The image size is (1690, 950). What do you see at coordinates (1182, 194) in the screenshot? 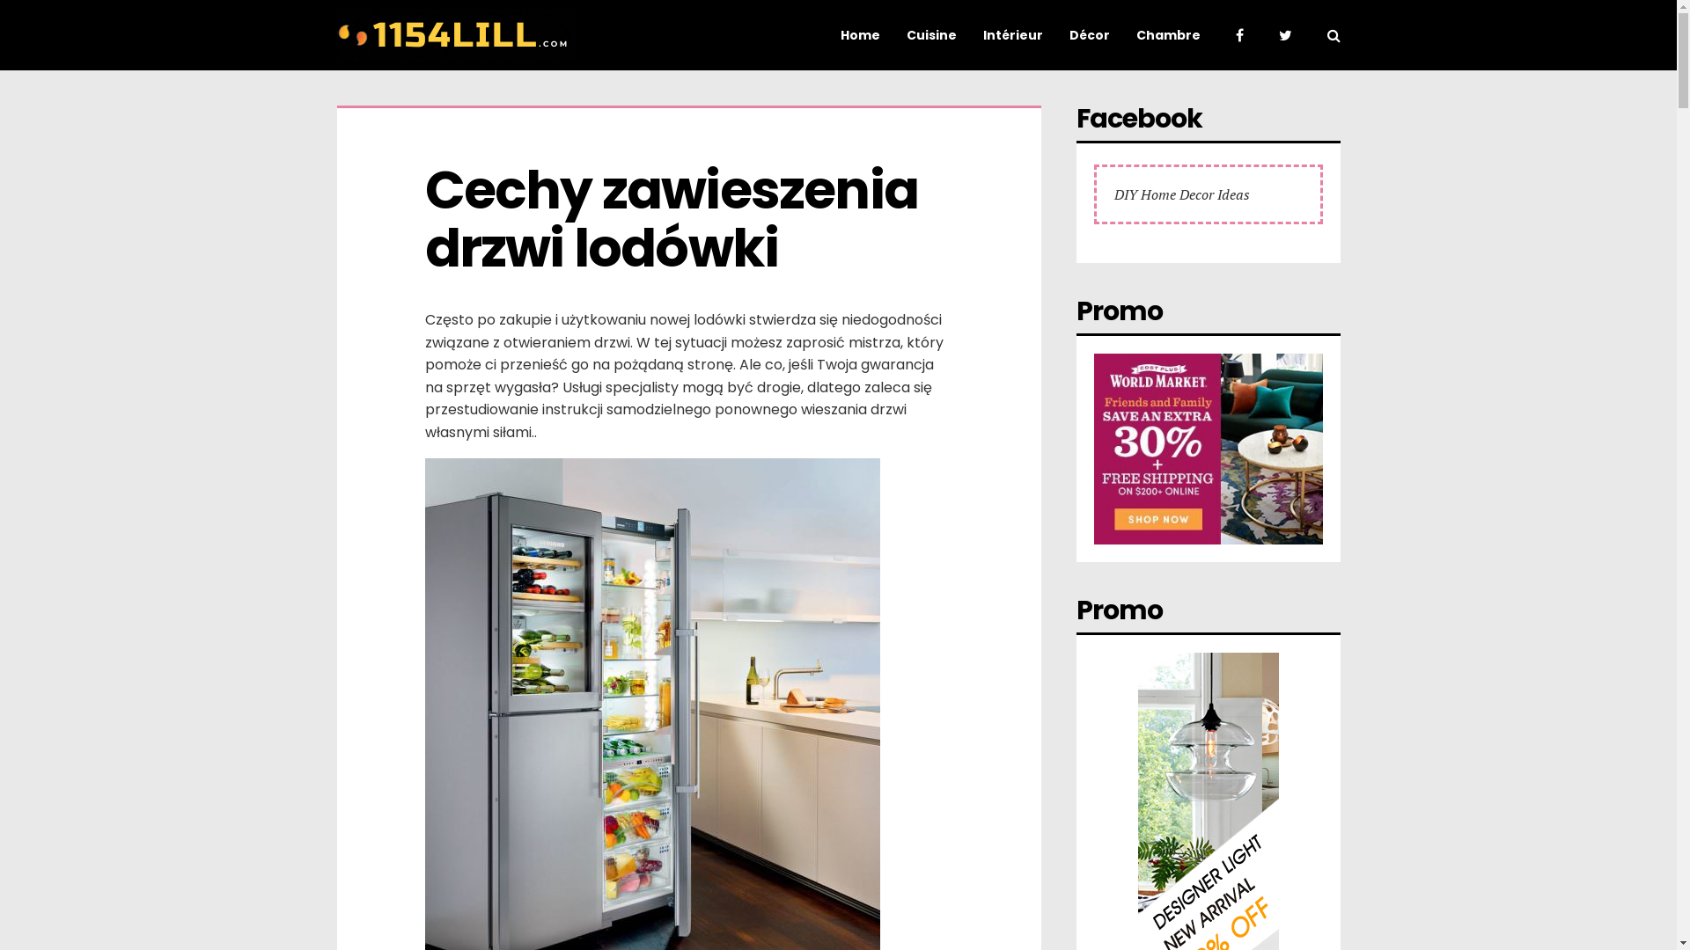
I see `'DIY Home Decor Ideas'` at bounding box center [1182, 194].